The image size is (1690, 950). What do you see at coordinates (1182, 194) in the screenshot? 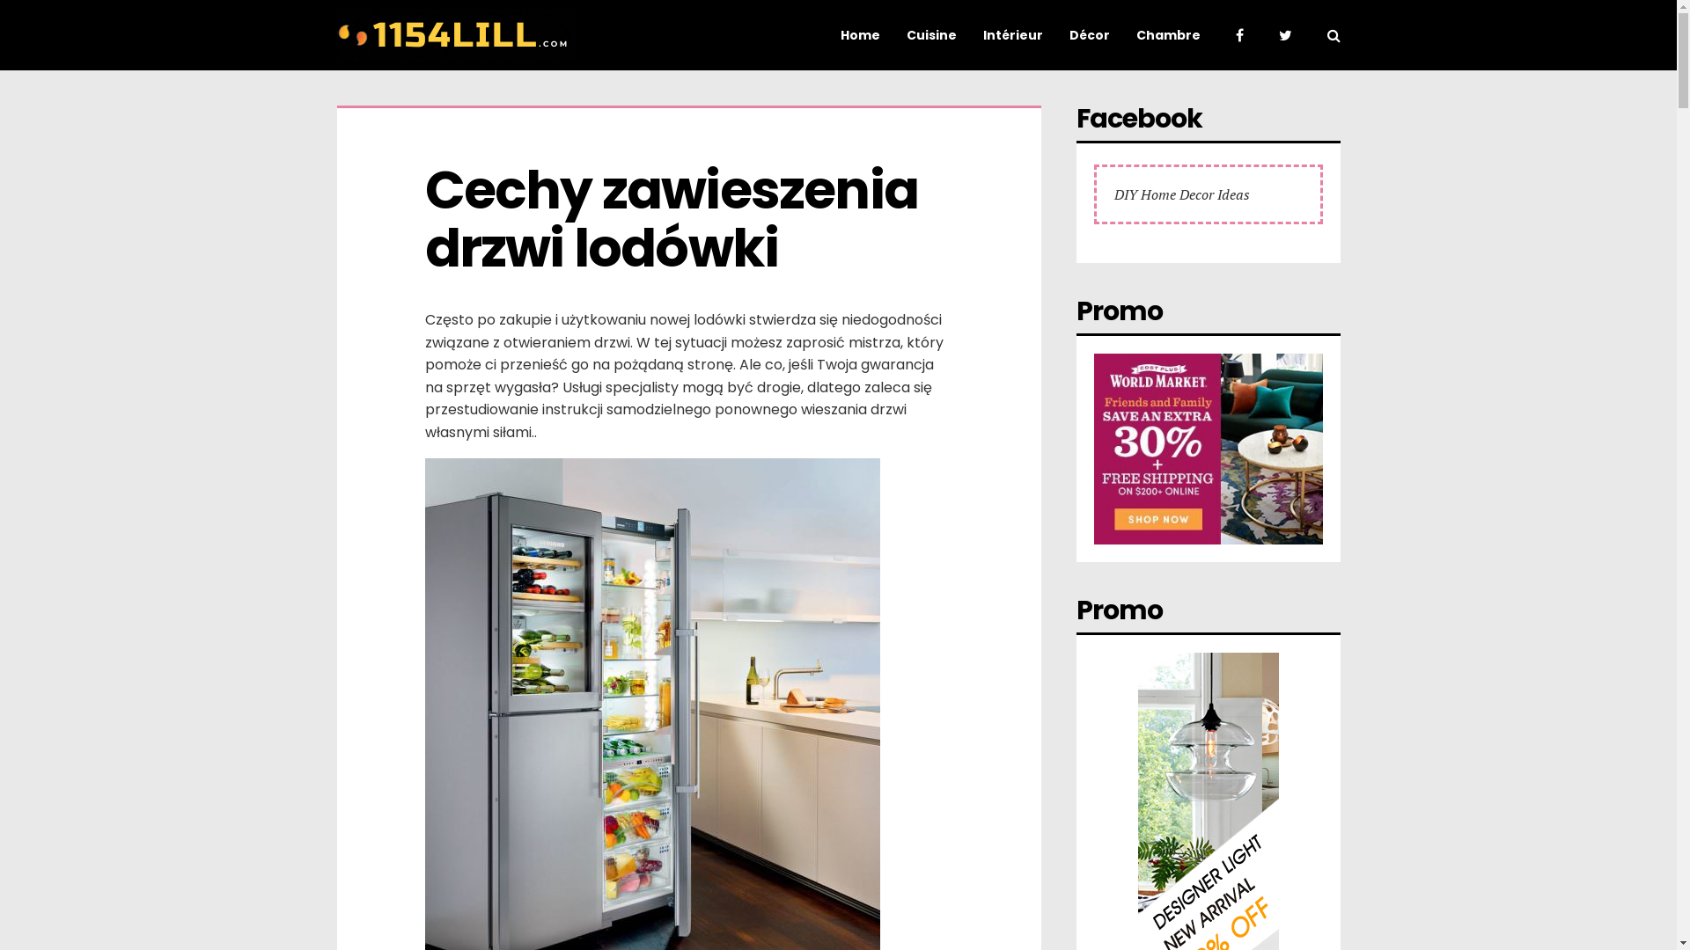
I see `'DIY Home Decor Ideas'` at bounding box center [1182, 194].